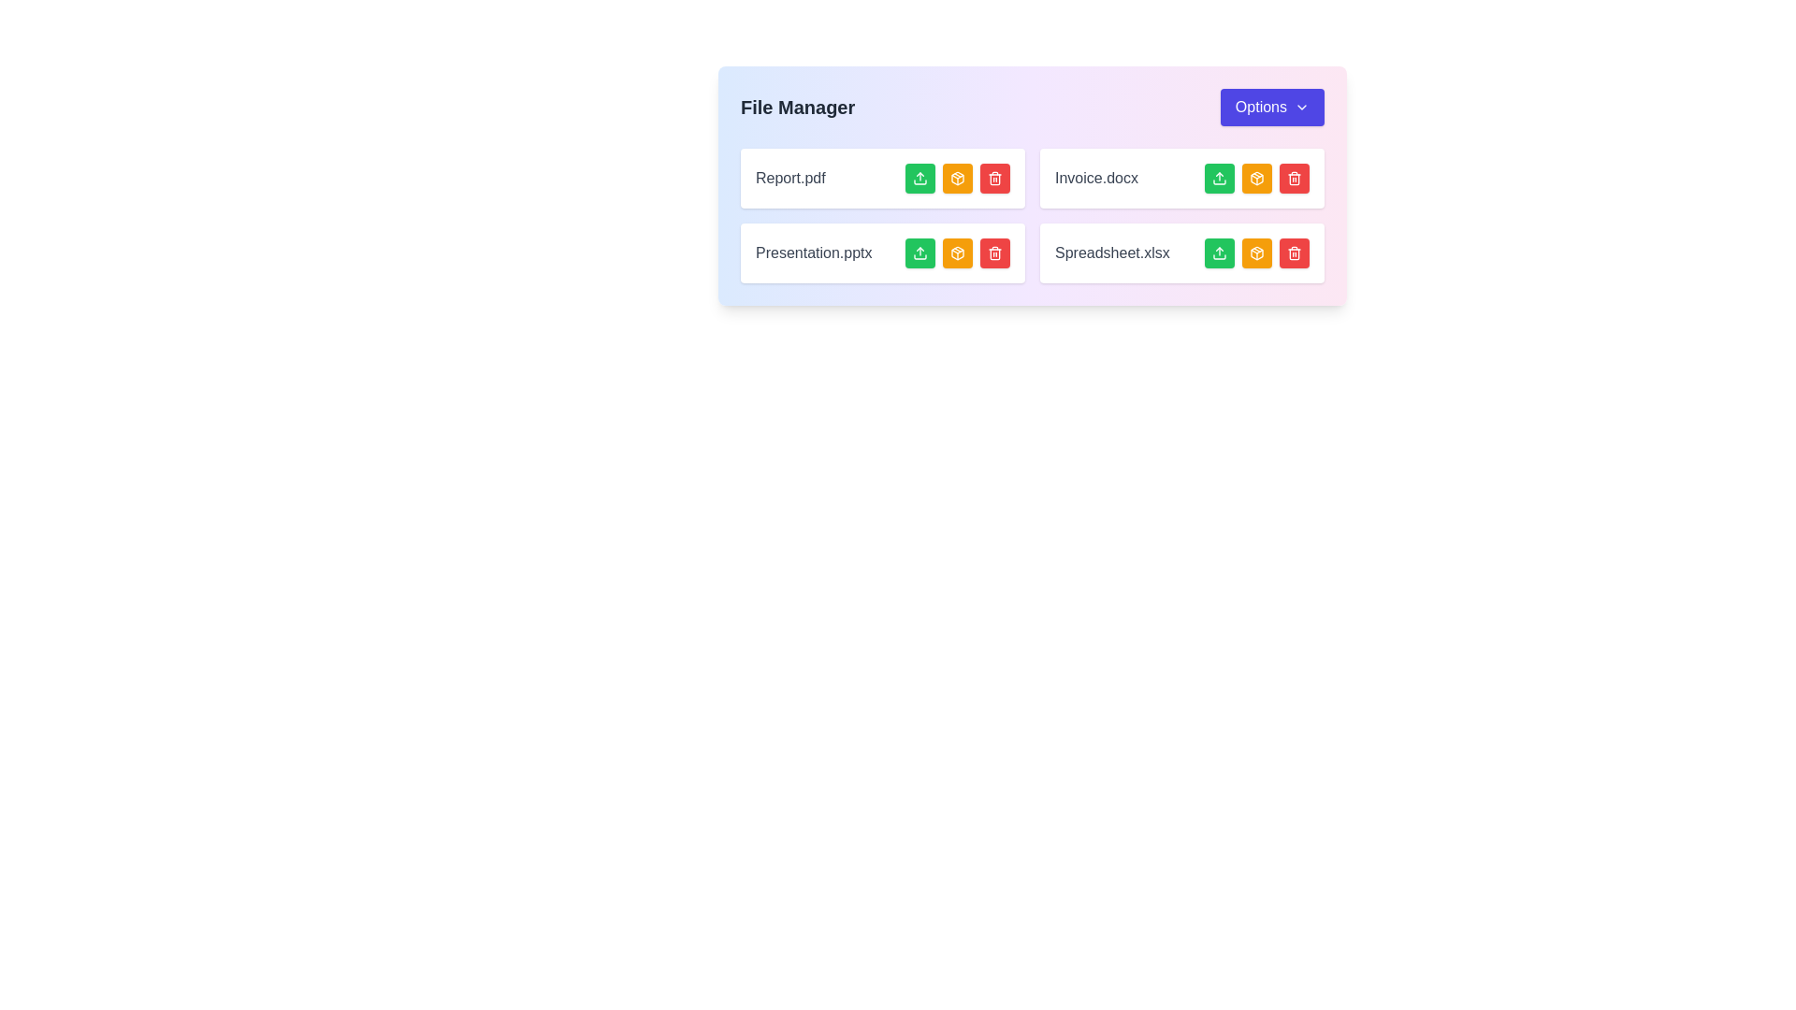 The width and height of the screenshot is (1796, 1010). I want to click on the SVG upload icon located in the green button next to the file Spreadsheet.xlsx in the bottom-right corner of the file manager interface for further interaction, so click(1220, 252).